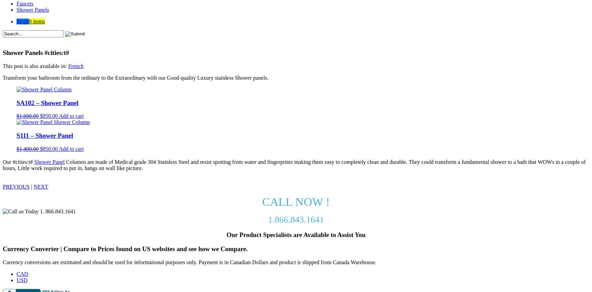 Image resolution: width=592 pixels, height=292 pixels. What do you see at coordinates (2, 77) in the screenshot?
I see `'Transform your bathroom from the ordinary to the Extraordinary with our Good quality Luxury stainless Shower panels.'` at bounding box center [2, 77].